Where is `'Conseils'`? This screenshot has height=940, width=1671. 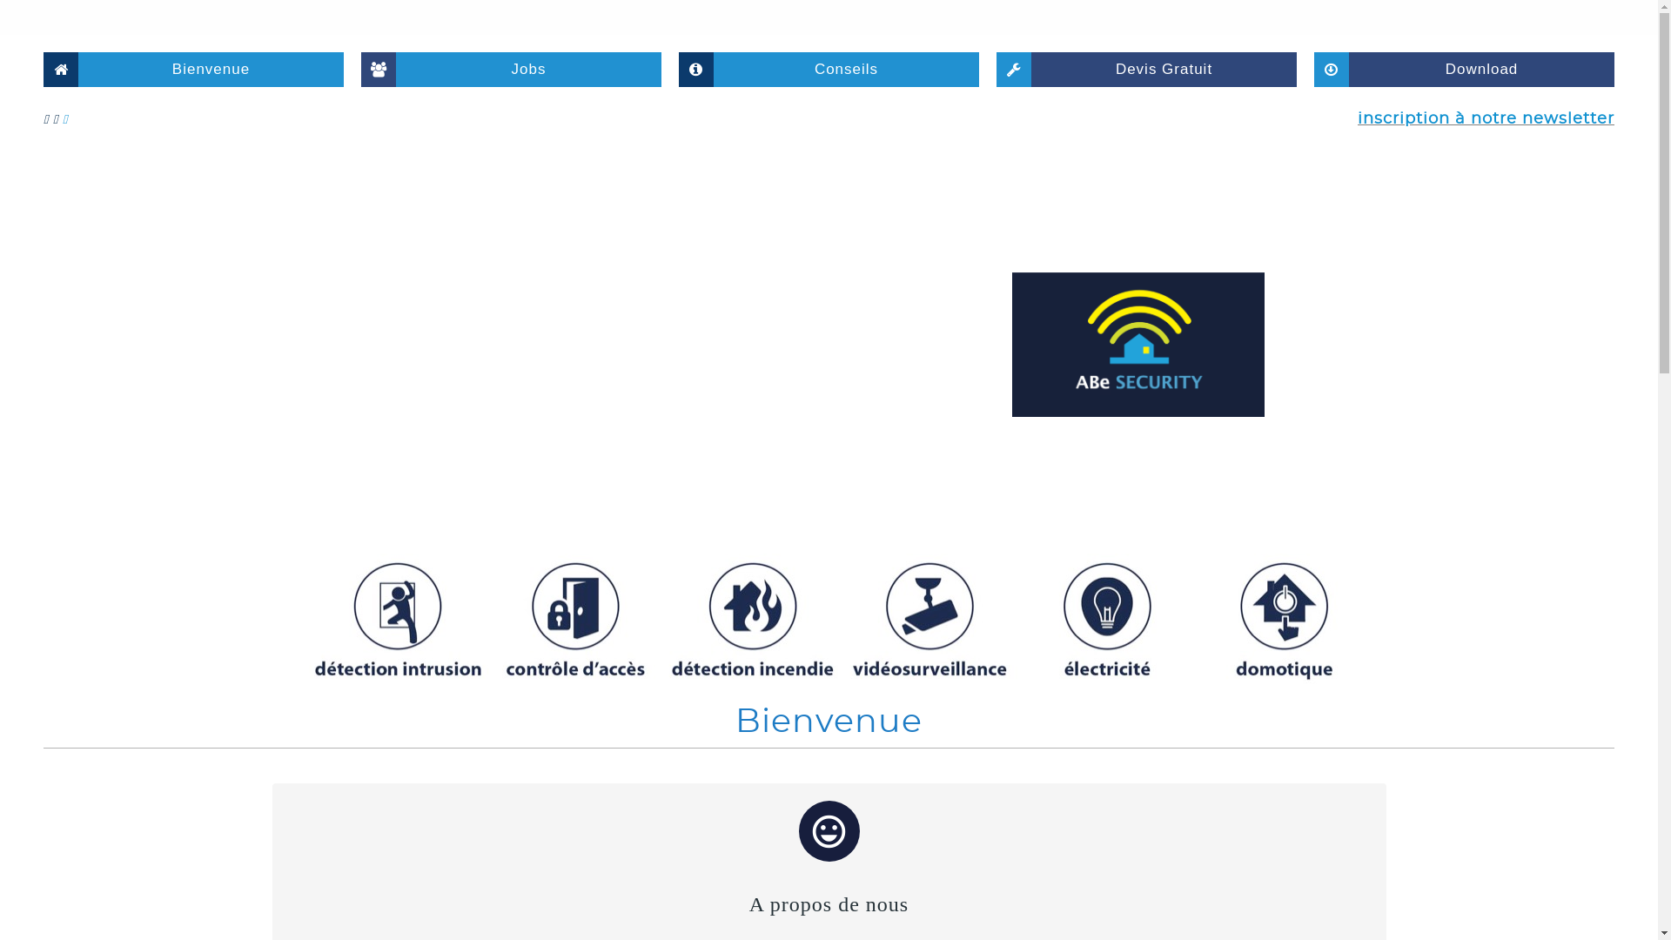
'Conseils' is located at coordinates (828, 69).